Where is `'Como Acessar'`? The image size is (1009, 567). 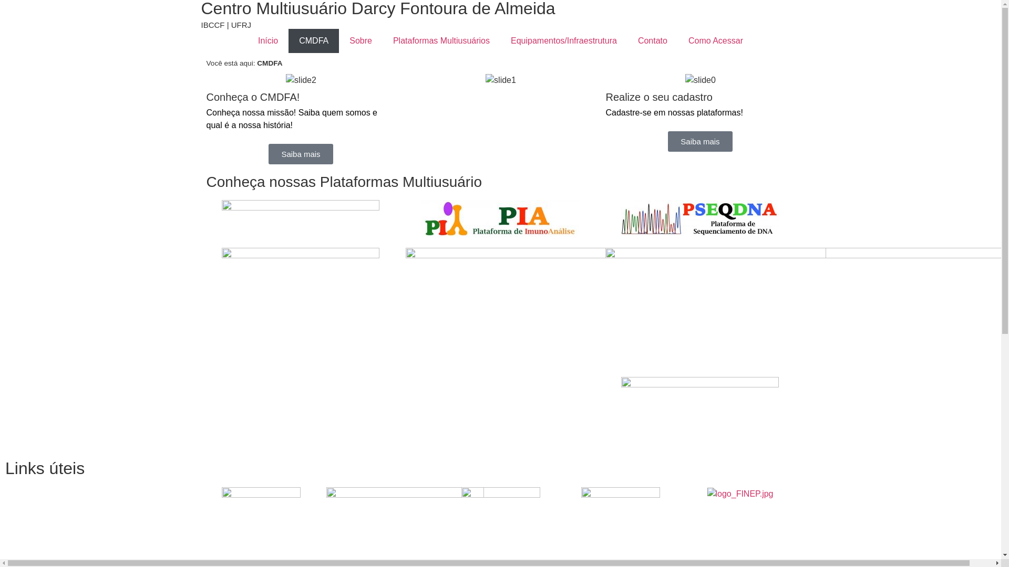
'Como Acessar' is located at coordinates (715, 40).